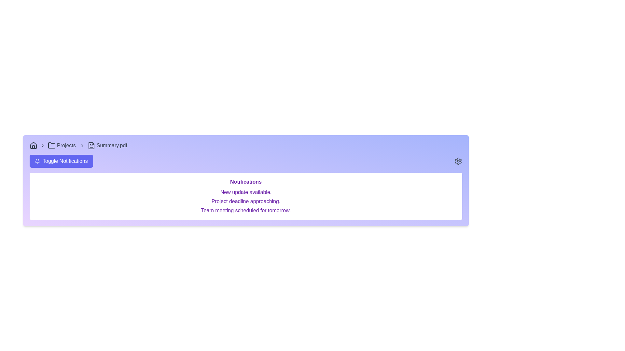  What do you see at coordinates (51, 145) in the screenshot?
I see `the folder icon element, which is the second icon from the left in the breadcrumb navigation bar, positioned between the home icon and text links` at bounding box center [51, 145].